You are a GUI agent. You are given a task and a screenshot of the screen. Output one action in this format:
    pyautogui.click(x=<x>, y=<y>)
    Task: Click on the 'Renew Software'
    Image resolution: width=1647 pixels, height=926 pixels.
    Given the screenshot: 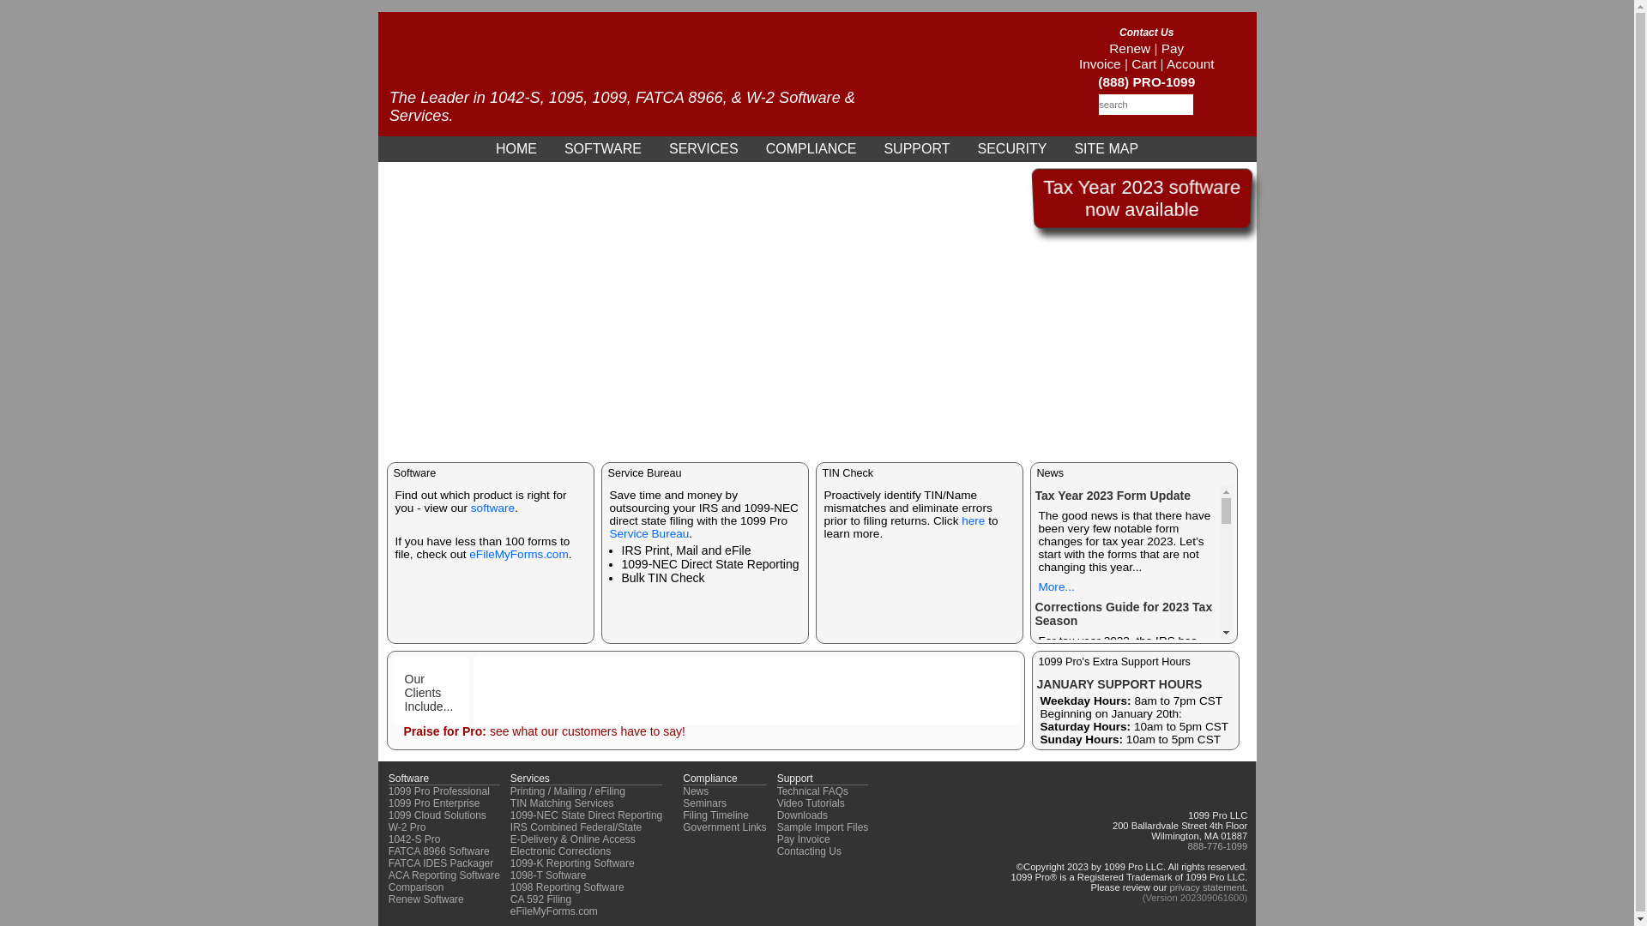 What is the action you would take?
    pyautogui.click(x=426, y=899)
    